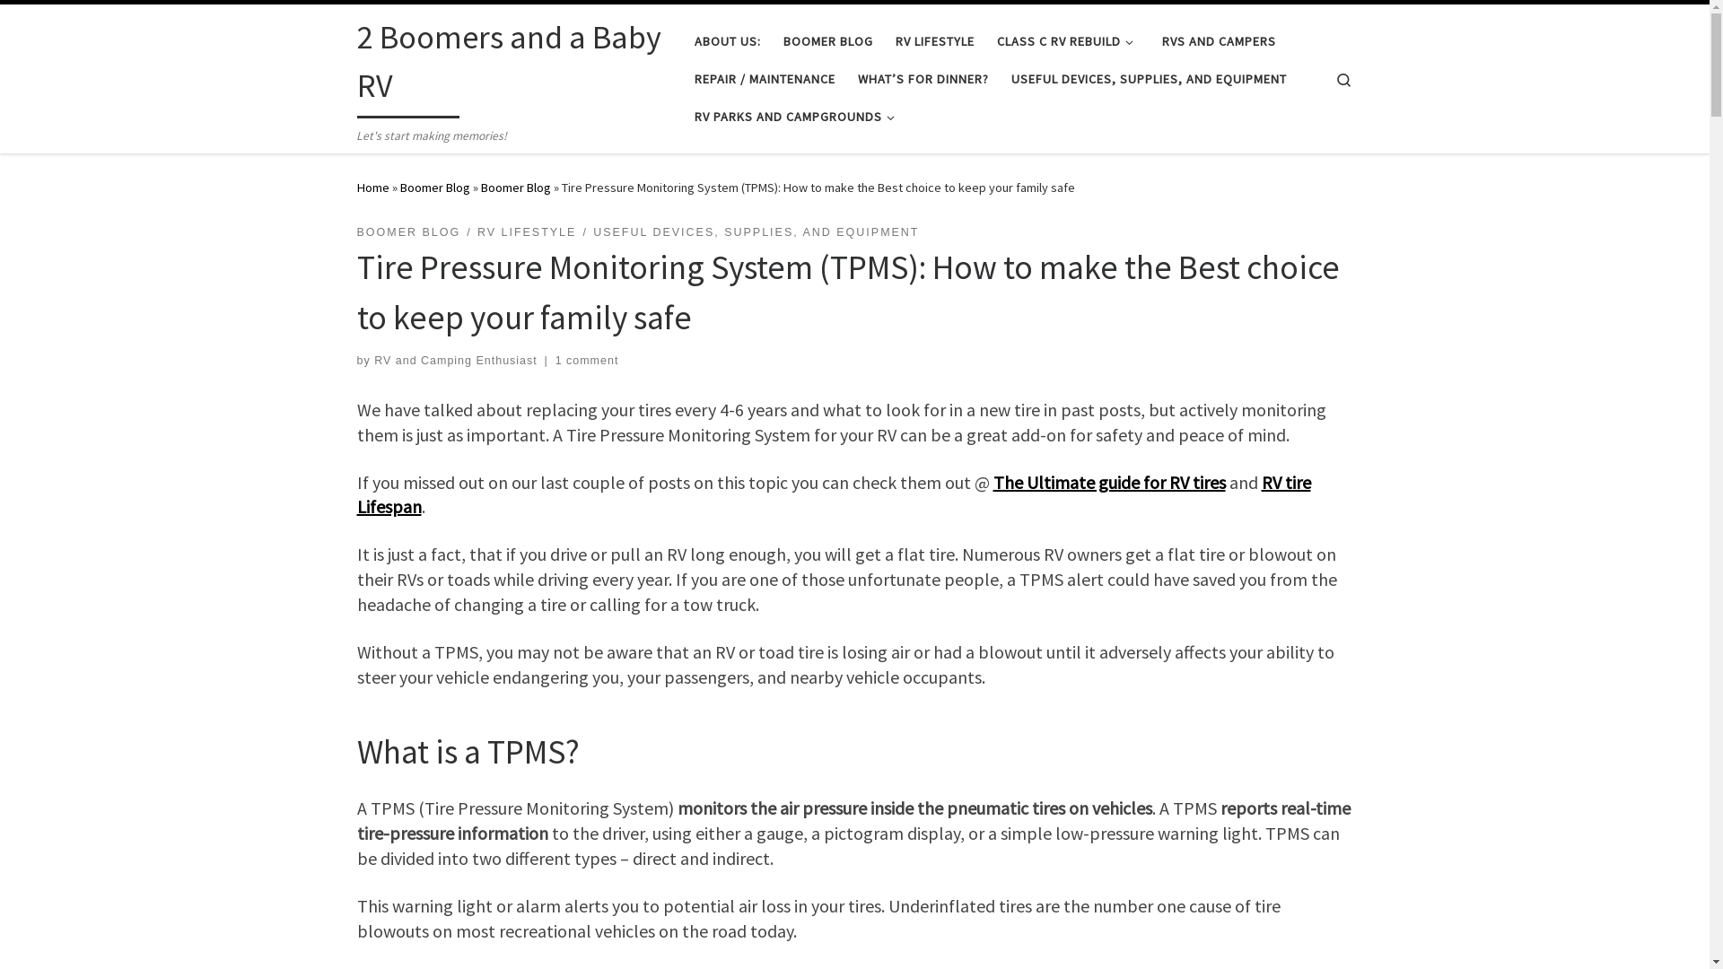 The height and width of the screenshot is (969, 1723). I want to click on '1 comment', so click(587, 360).